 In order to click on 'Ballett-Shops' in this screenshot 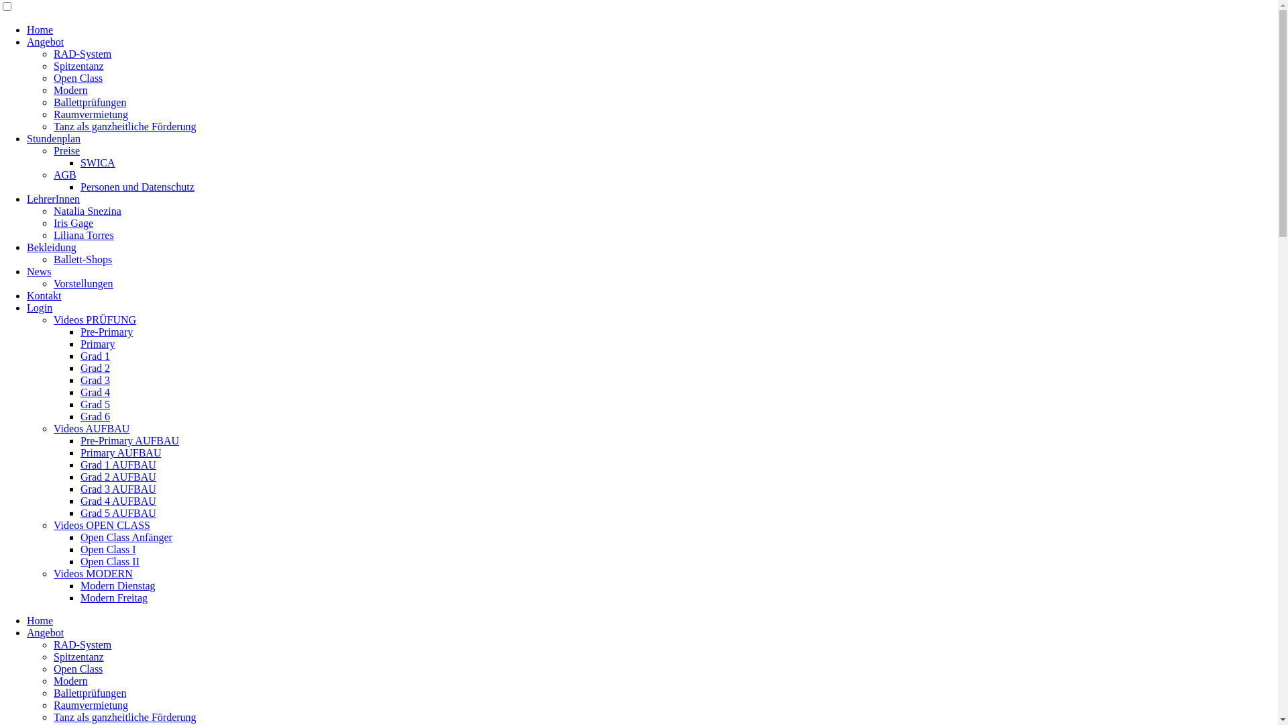, I will do `click(54, 259)`.